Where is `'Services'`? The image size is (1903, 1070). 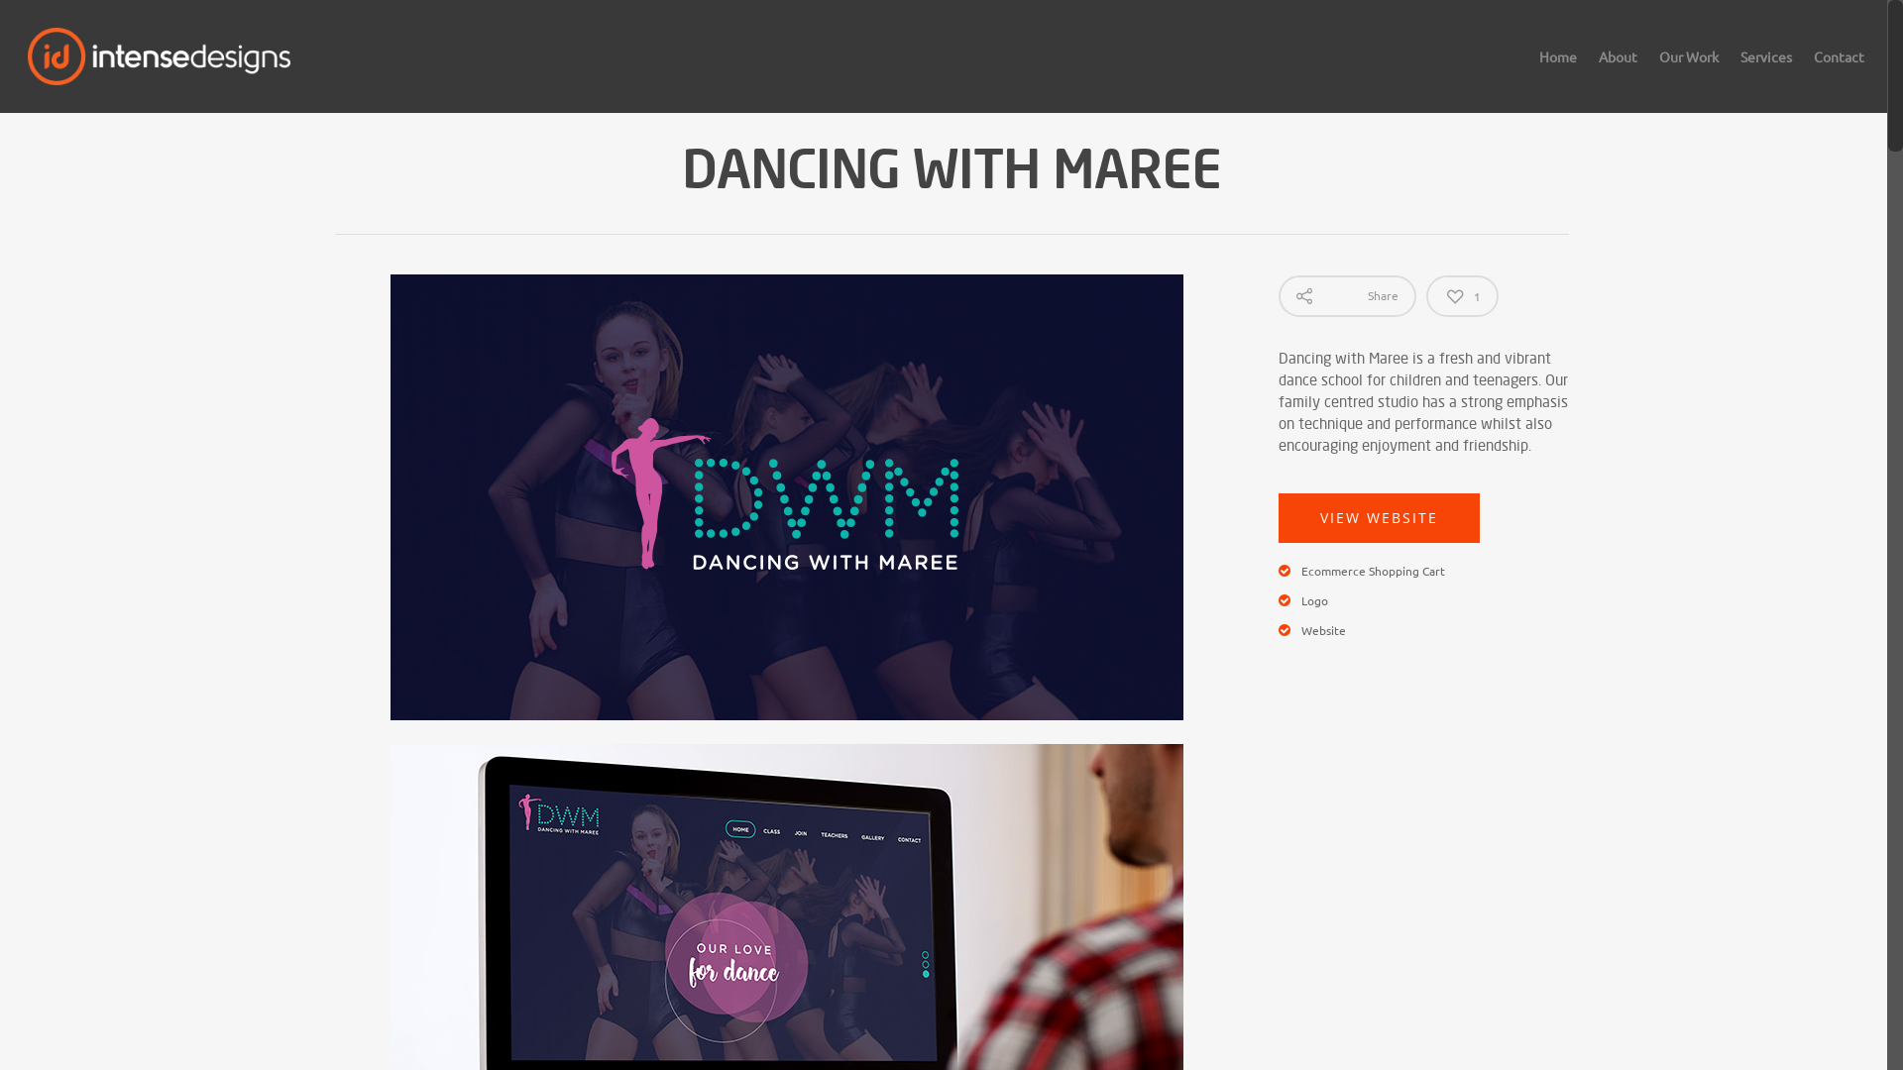
'Services' is located at coordinates (1765, 68).